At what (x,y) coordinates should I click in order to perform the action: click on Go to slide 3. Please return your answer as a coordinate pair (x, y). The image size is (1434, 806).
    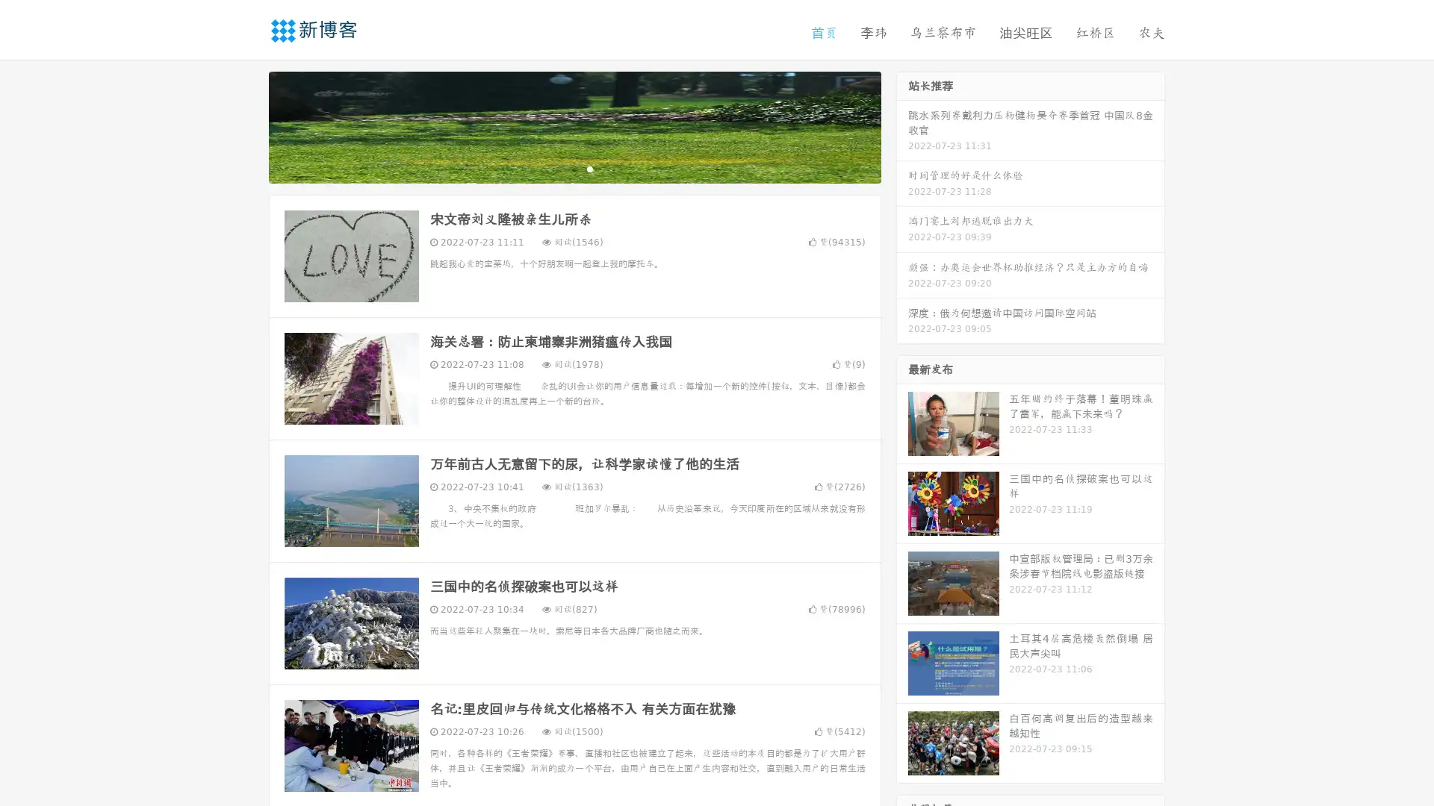
    Looking at the image, I should click on (589, 168).